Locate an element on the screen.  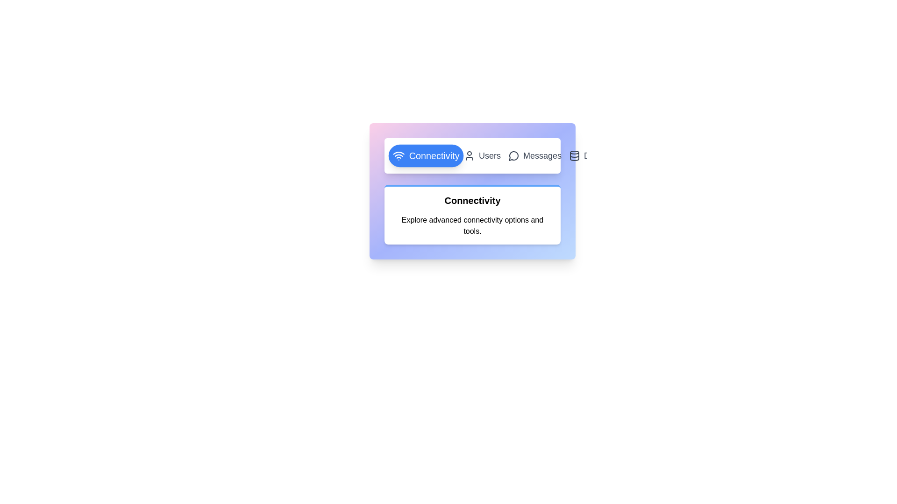
the tab labeled Data to preview its hover effect is located at coordinates (584, 155).